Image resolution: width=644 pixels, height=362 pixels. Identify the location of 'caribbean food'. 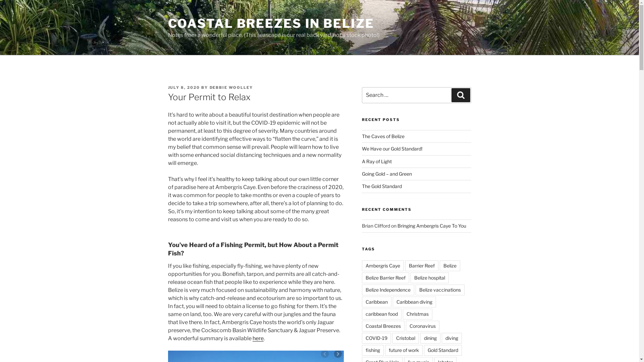
(381, 314).